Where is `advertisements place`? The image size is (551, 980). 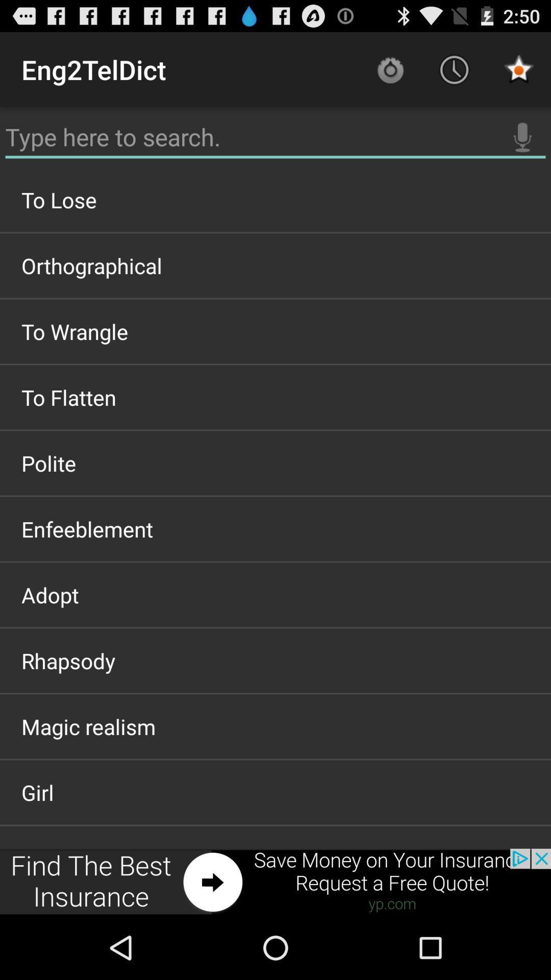
advertisements place is located at coordinates (275, 881).